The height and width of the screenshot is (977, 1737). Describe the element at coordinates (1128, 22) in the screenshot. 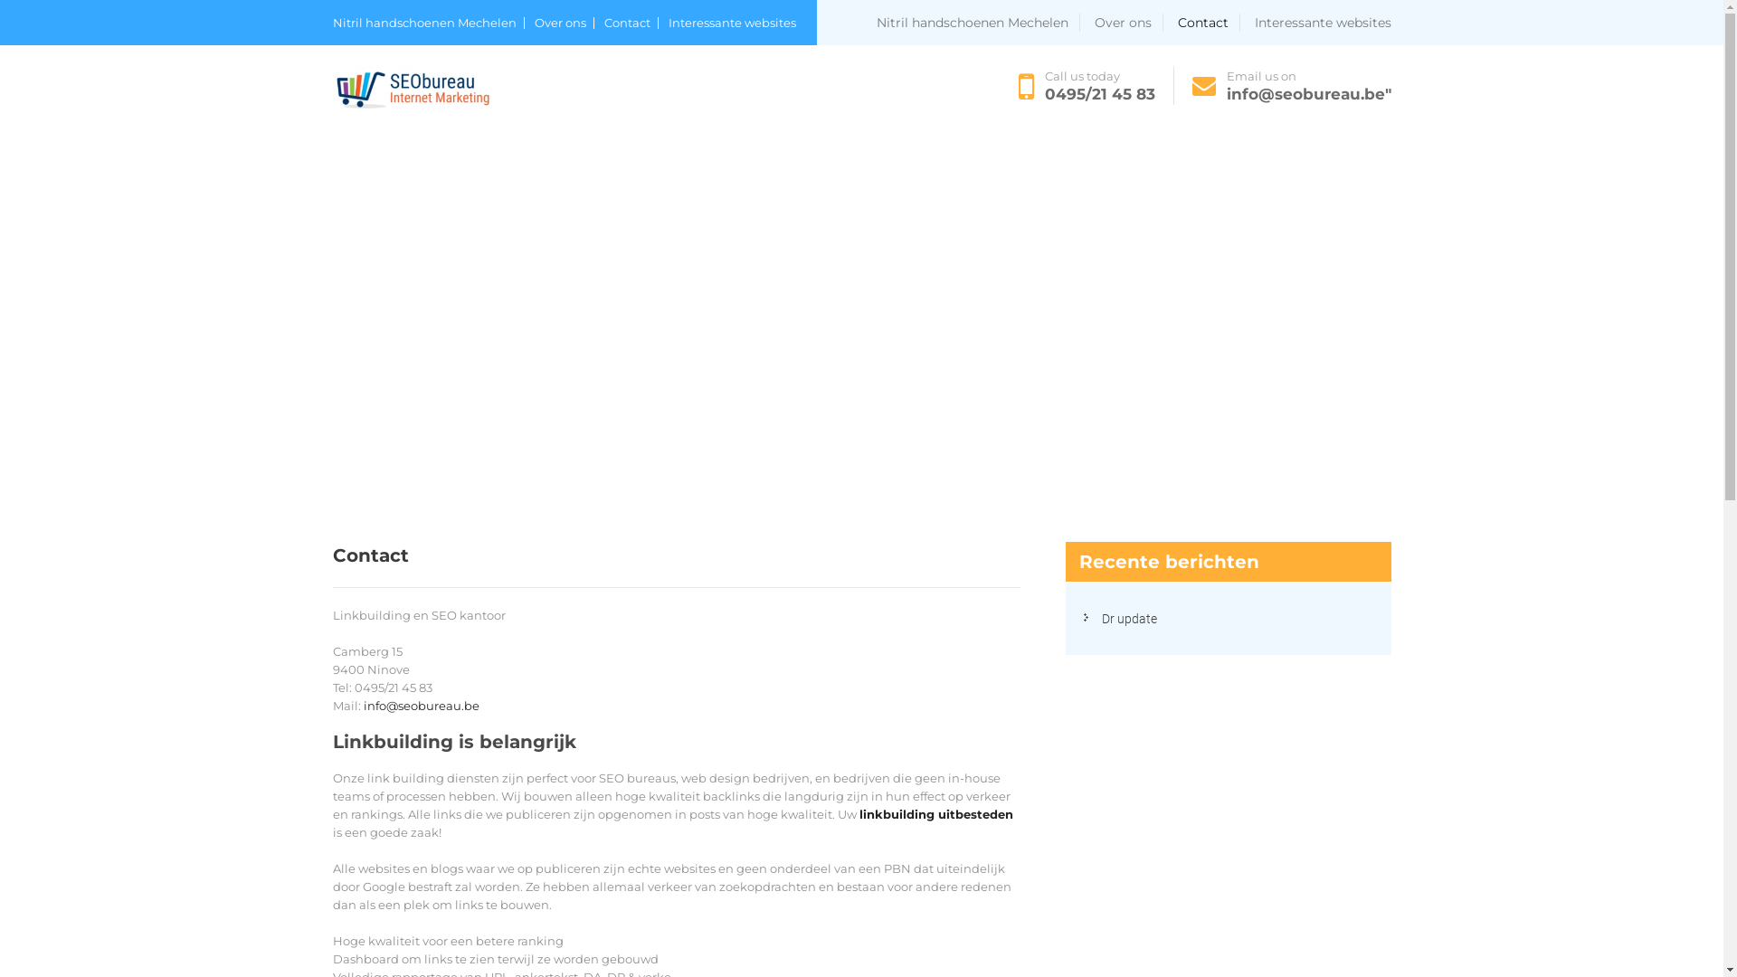

I see `'Over ons'` at that location.